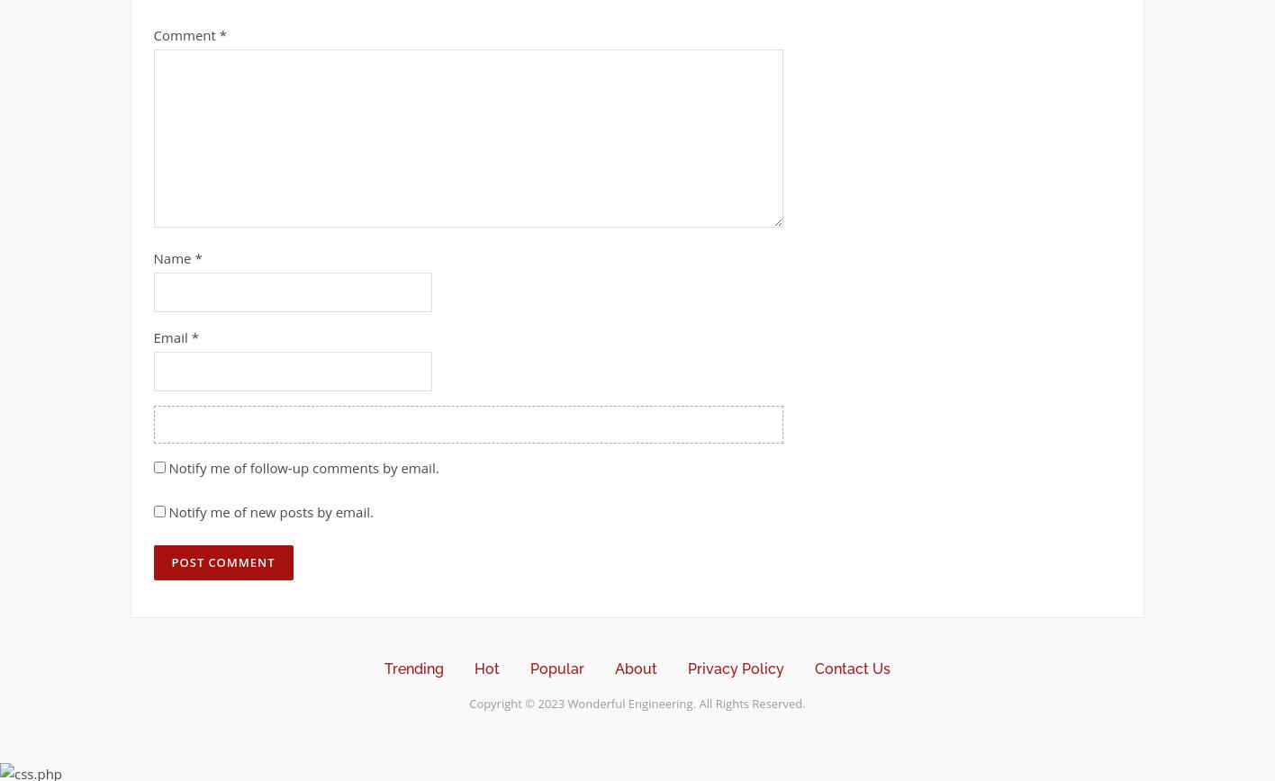  I want to click on 'Popular', so click(556, 668).